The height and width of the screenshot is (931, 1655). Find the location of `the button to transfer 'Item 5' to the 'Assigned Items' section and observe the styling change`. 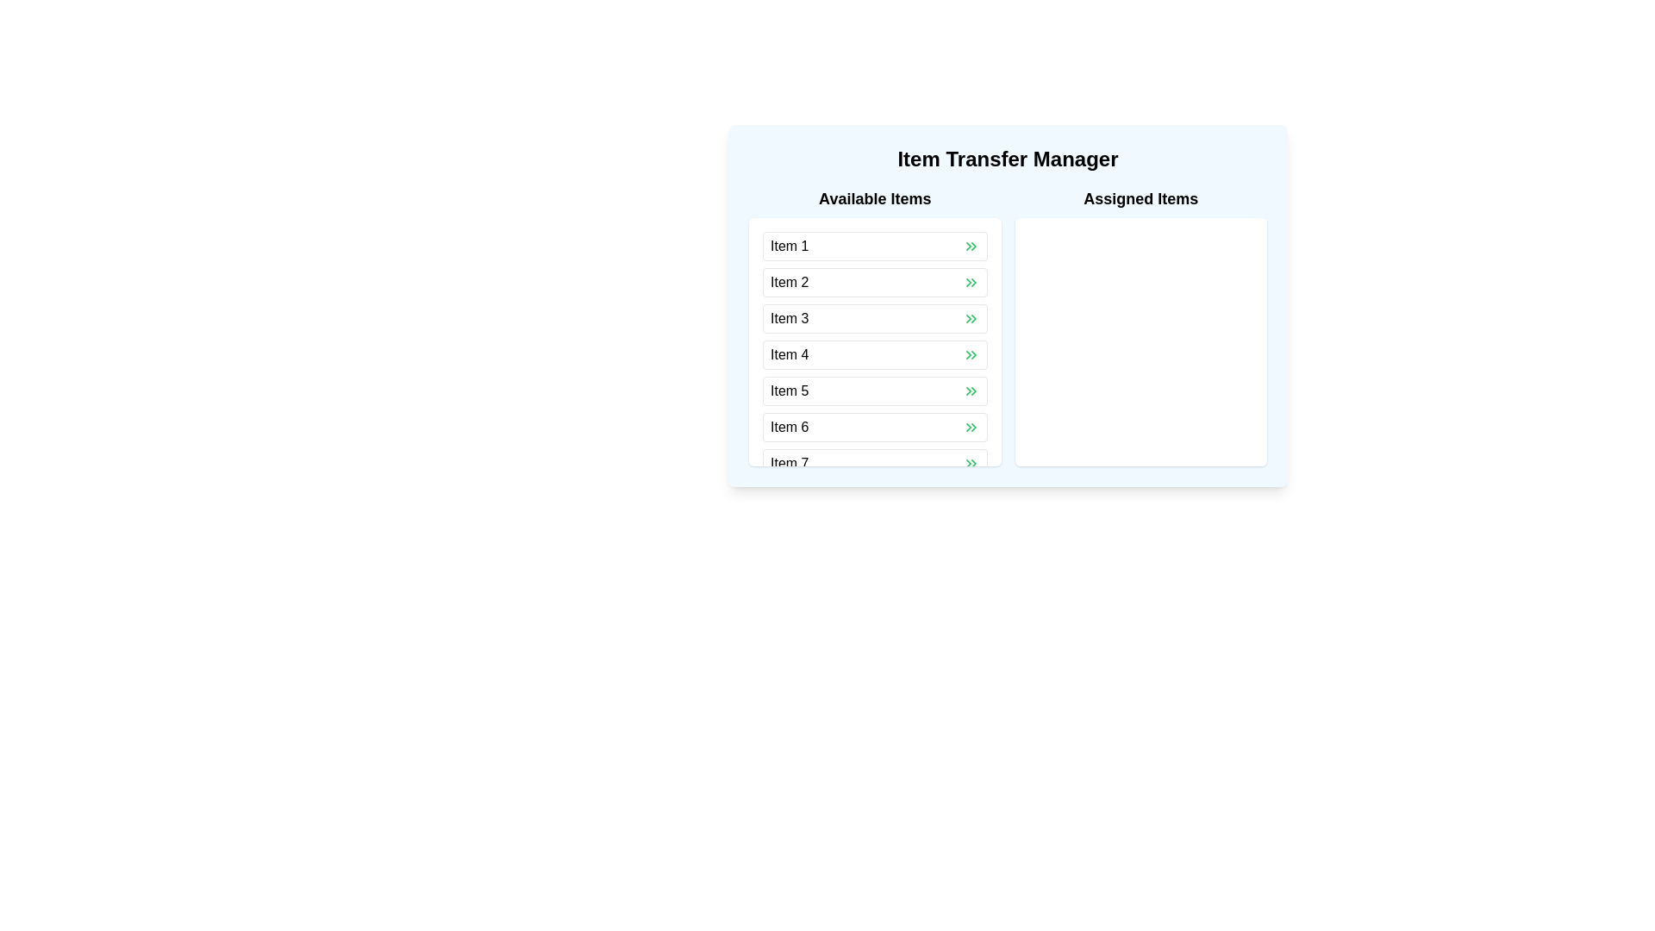

the button to transfer 'Item 5' to the 'Assigned Items' section and observe the styling change is located at coordinates (971, 391).